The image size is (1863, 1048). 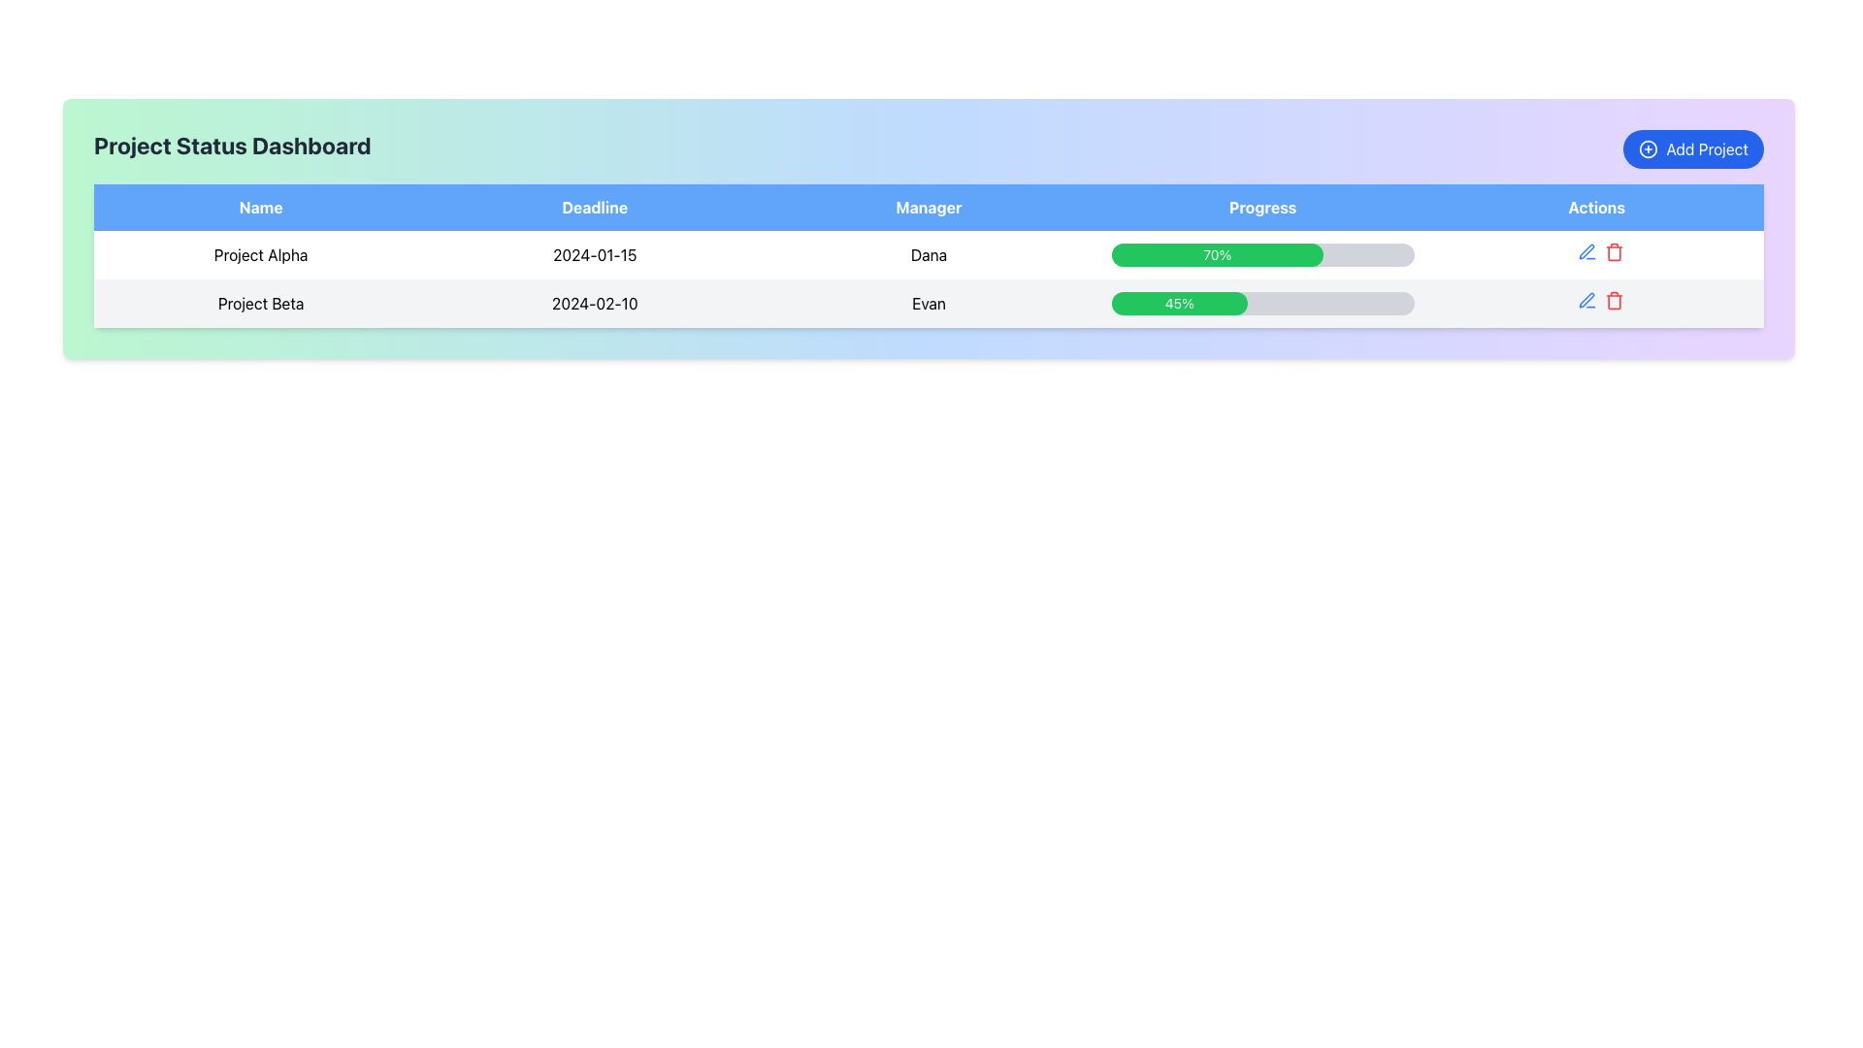 I want to click on the circular add icon with a plus sign located to the left of the 'Add Project' text in the blue button at the top-right corner of the interface, so click(x=1648, y=148).